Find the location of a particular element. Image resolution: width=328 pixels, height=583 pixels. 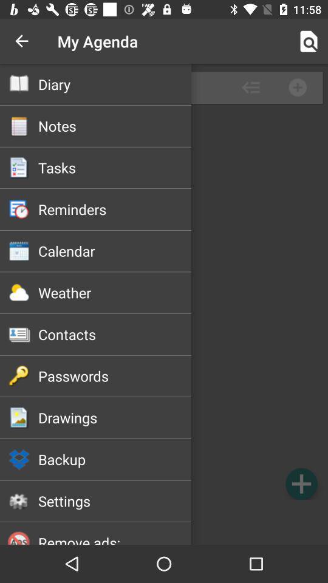

backup icon is located at coordinates (115, 459).